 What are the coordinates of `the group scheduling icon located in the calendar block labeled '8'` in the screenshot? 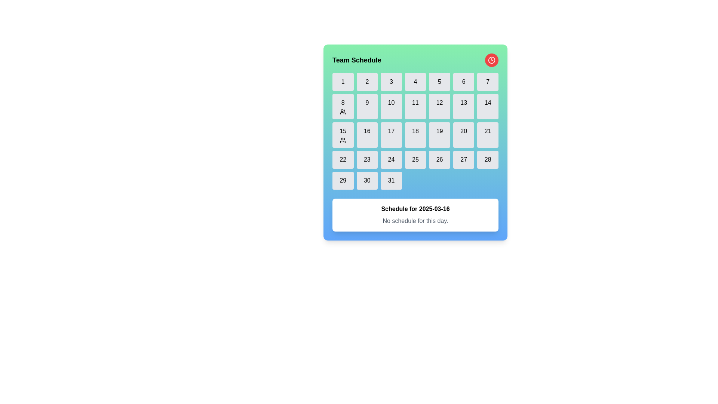 It's located at (342, 112).